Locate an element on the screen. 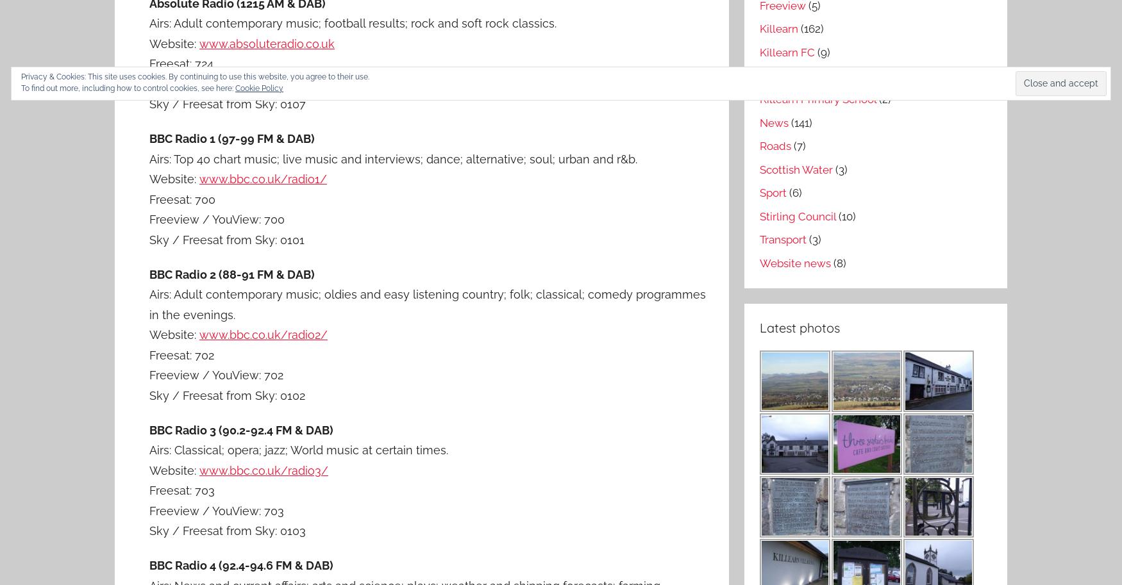  '(7)' is located at coordinates (798, 145).